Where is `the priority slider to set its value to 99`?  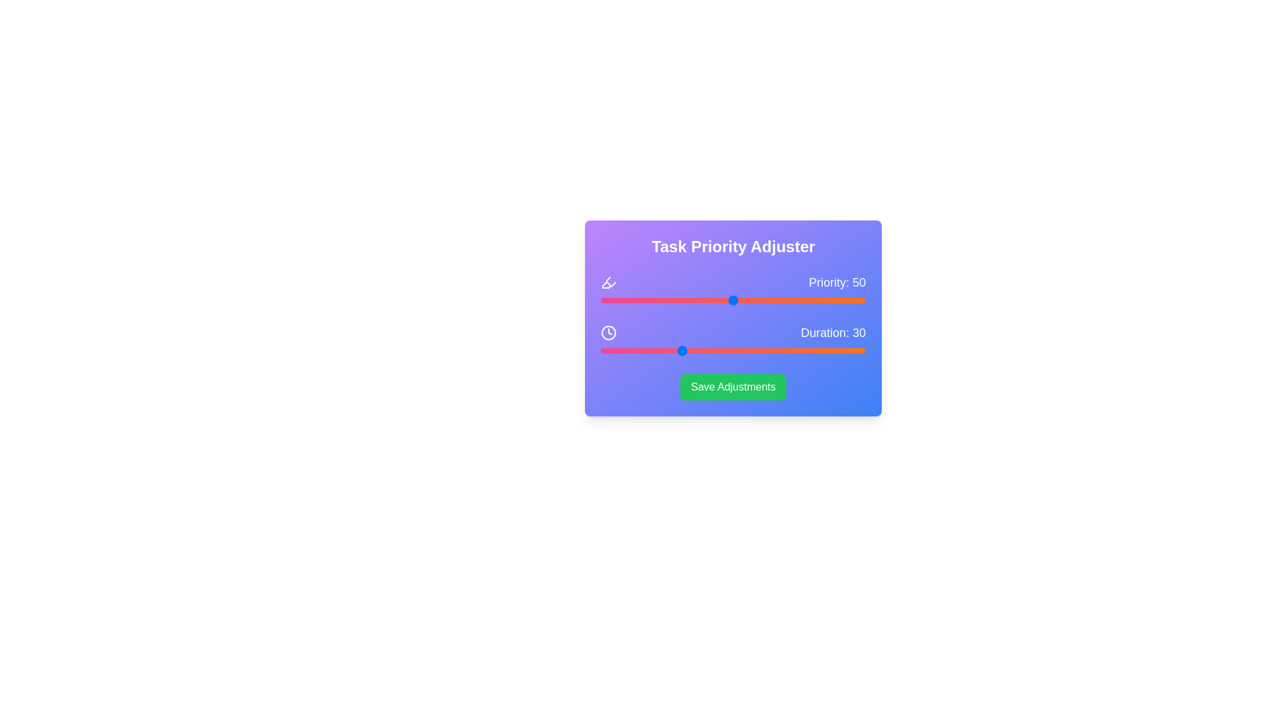
the priority slider to set its value to 99 is located at coordinates (863, 301).